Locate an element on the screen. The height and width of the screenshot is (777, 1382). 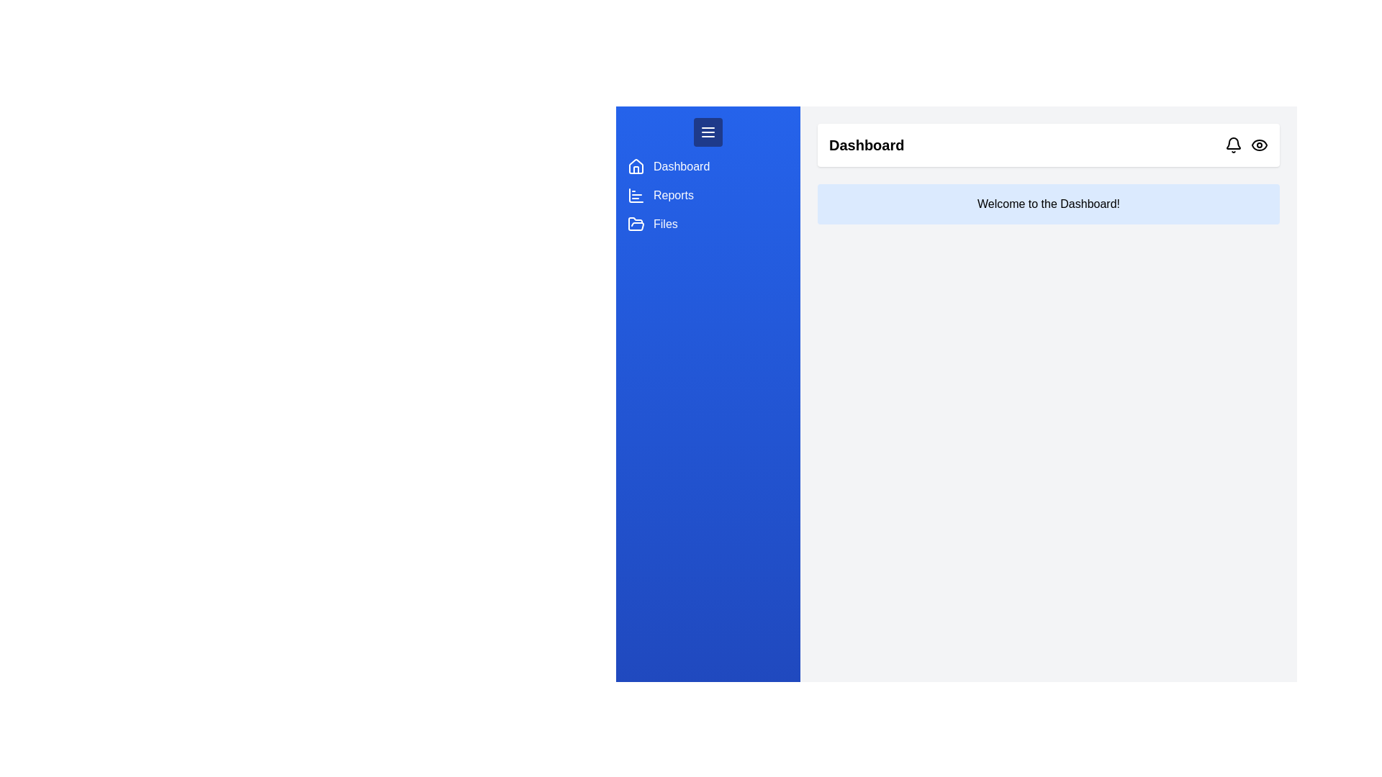
the SVG icon located in the left-hand vertical navigation bar, positioned at the top among similarly styled icons, which serves as a navigation link to the main or Dashboard page of the application is located at coordinates (635, 169).